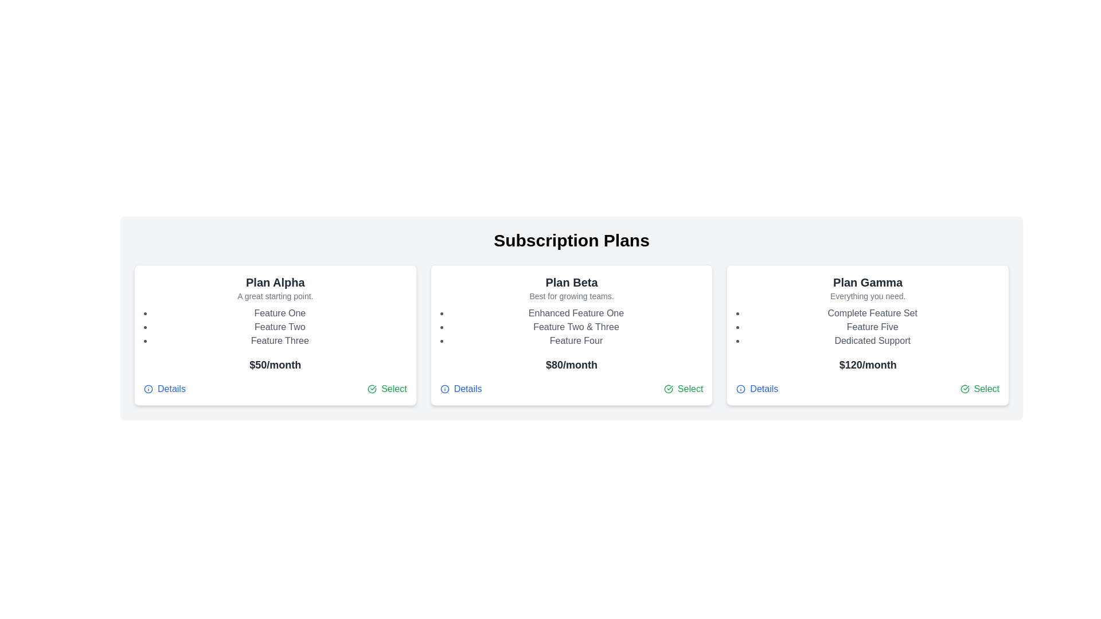 The image size is (1101, 619). I want to click on the Decorative Icon element located near the text 'Details' below the 'Plan Gamma' subscription plan, so click(741, 388).